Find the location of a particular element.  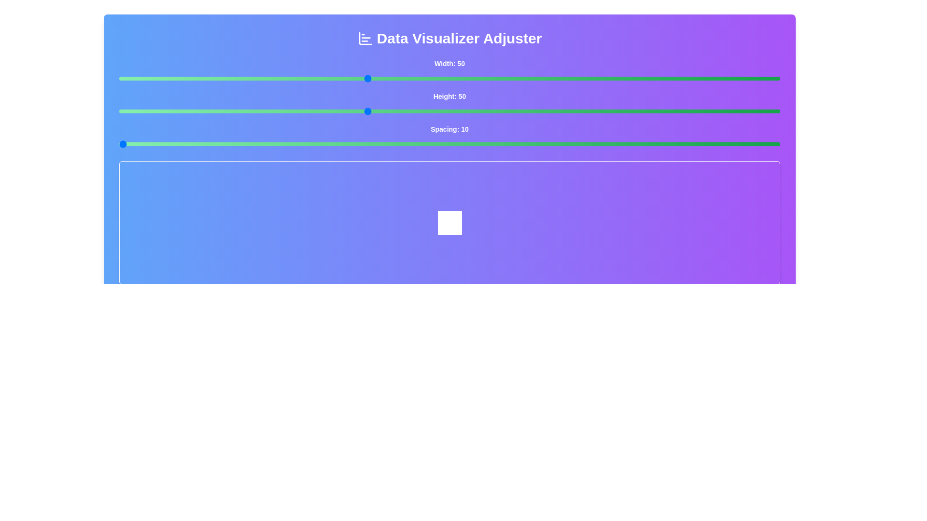

the 'Width' slider to 29 is located at coordinates (193, 78).